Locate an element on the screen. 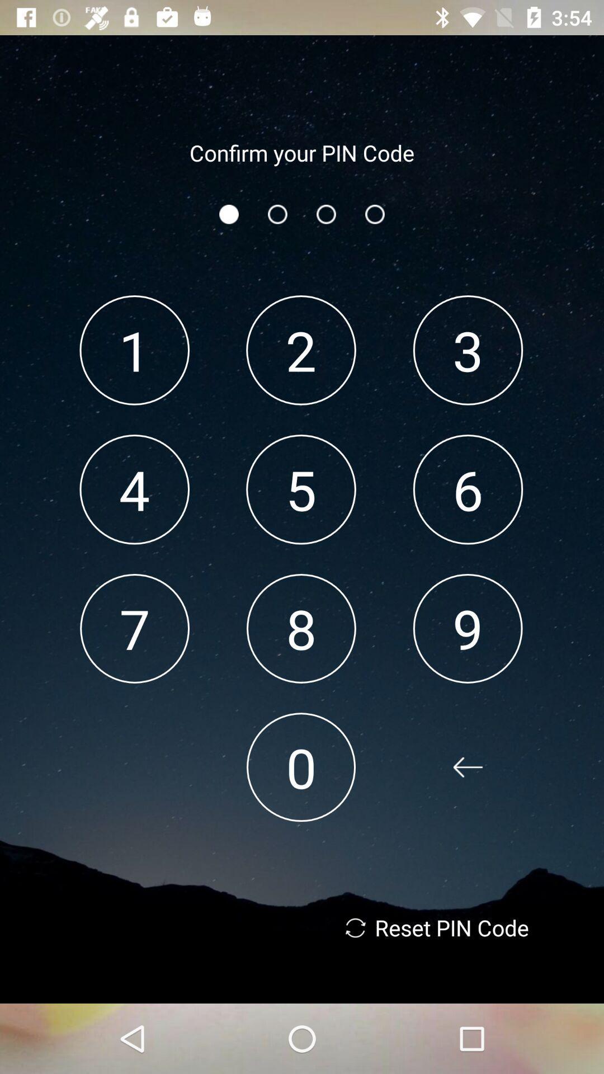  the item below 5 app is located at coordinates (300, 628).